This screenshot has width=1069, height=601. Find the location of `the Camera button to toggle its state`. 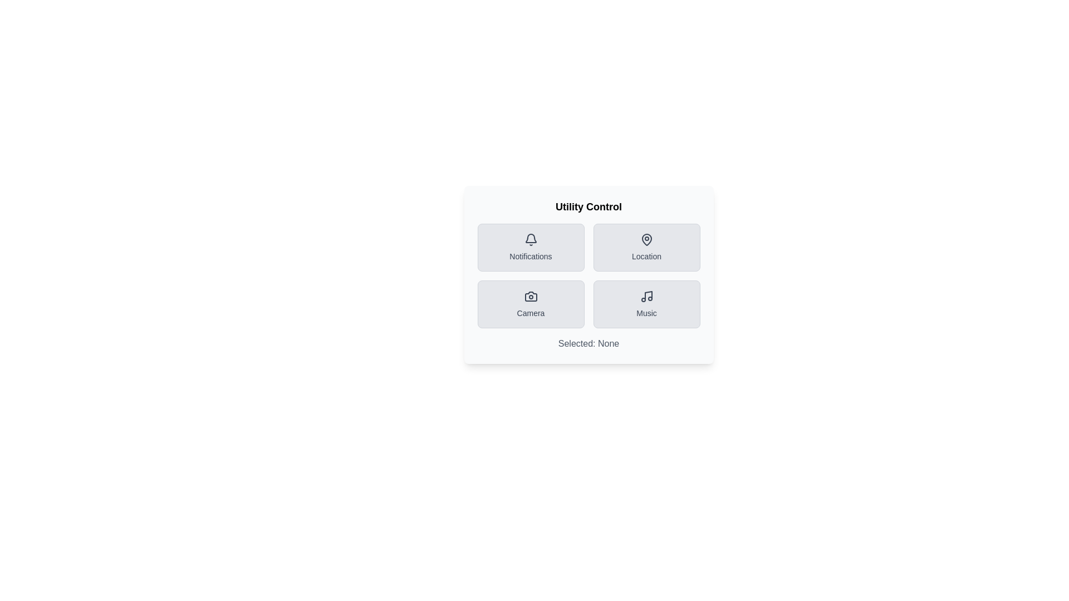

the Camera button to toggle its state is located at coordinates (530, 304).